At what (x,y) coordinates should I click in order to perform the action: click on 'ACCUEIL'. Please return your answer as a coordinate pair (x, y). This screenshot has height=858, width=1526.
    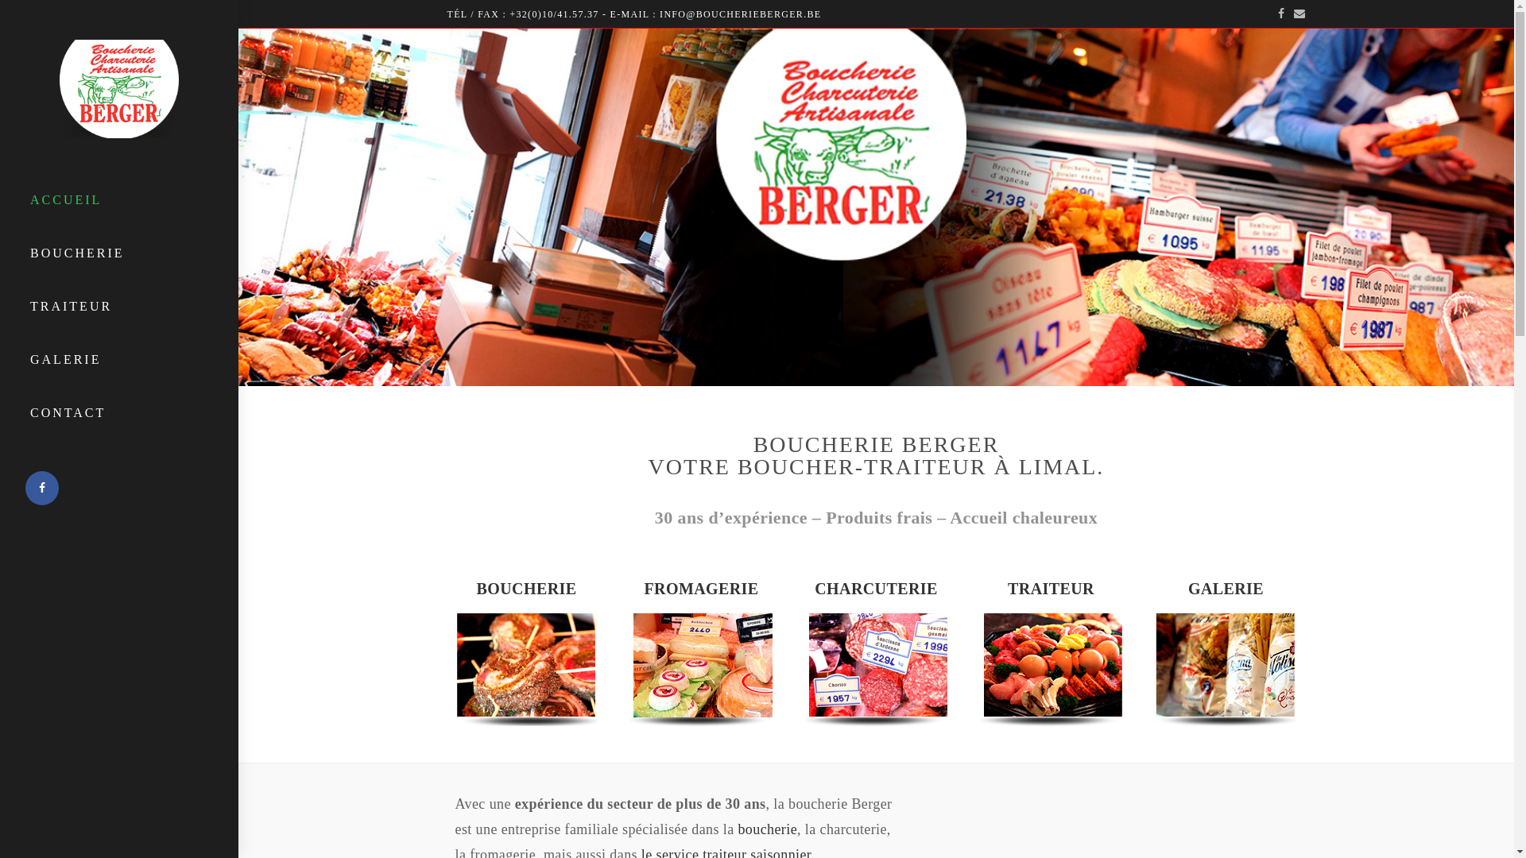
    Looking at the image, I should click on (118, 199).